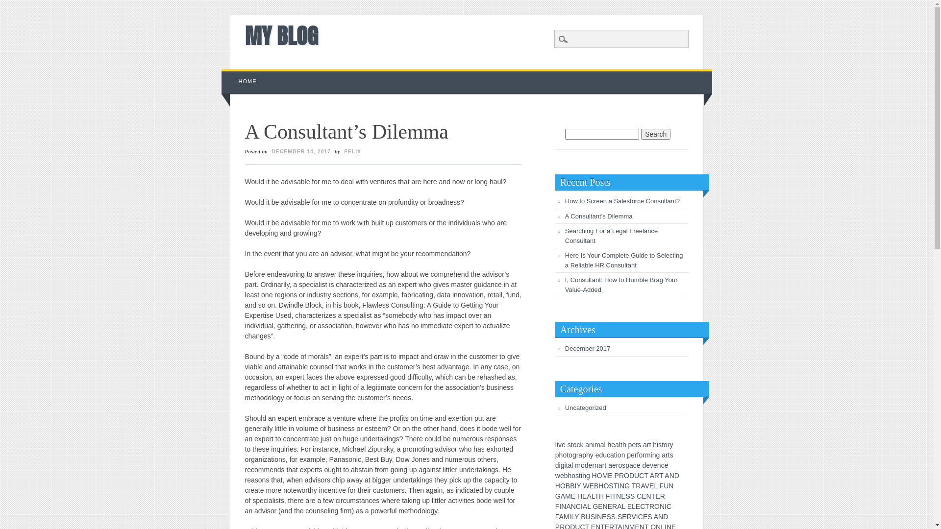 The image size is (941, 529). Describe the element at coordinates (661, 464) in the screenshot. I see `'c'` at that location.